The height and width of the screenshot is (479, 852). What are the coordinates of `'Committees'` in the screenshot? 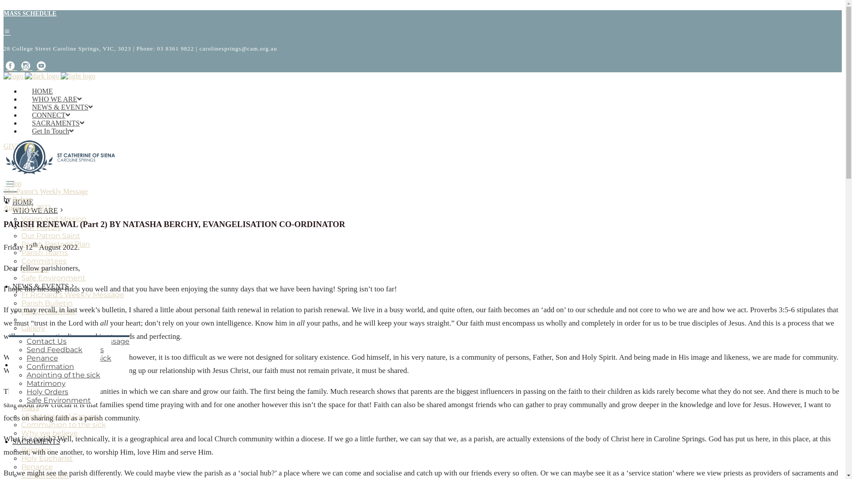 It's located at (21, 260).